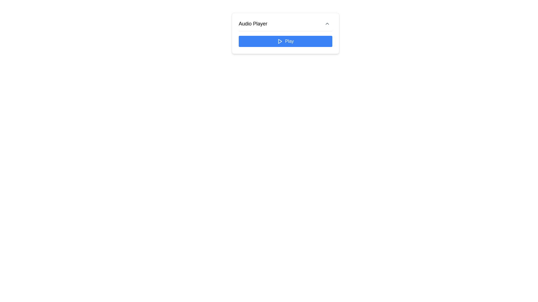  Describe the element at coordinates (280, 41) in the screenshot. I see `the triangular 'Play' icon located in the center of the blue rectangular button in the audio player interface to play the audio` at that location.